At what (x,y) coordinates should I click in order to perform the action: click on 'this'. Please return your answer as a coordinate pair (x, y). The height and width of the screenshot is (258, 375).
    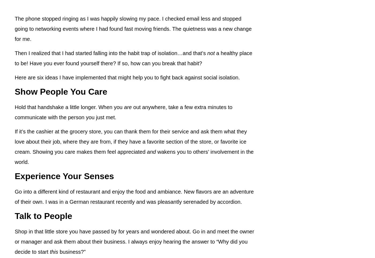
    Looking at the image, I should click on (50, 251).